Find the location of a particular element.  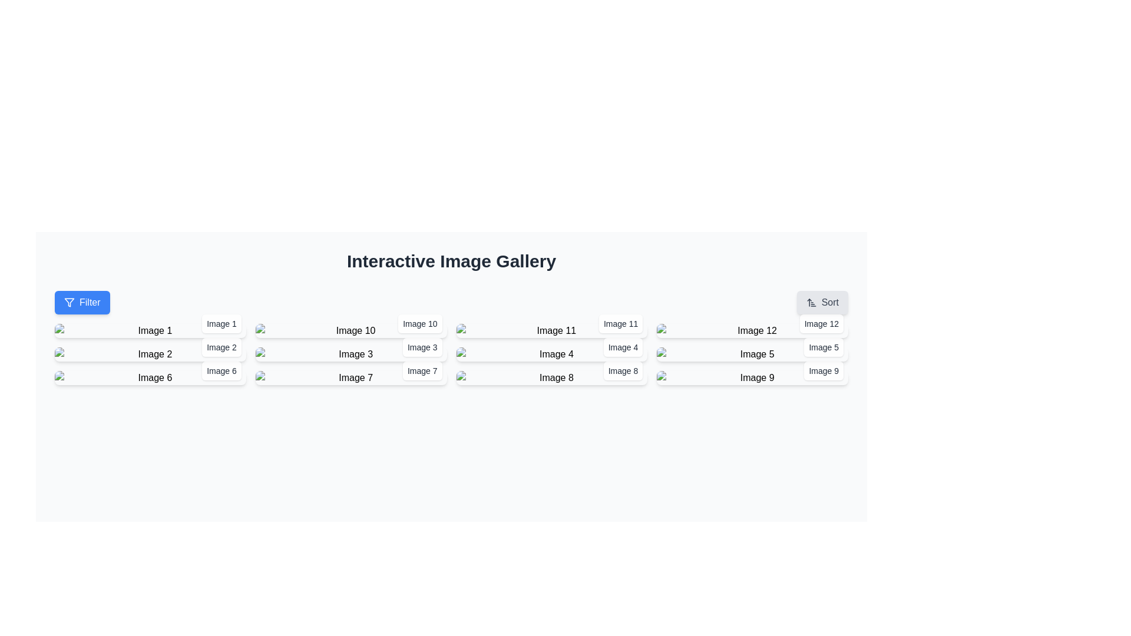

the interactive image thumbnail located at the bottom right of the grid is located at coordinates (752, 377).